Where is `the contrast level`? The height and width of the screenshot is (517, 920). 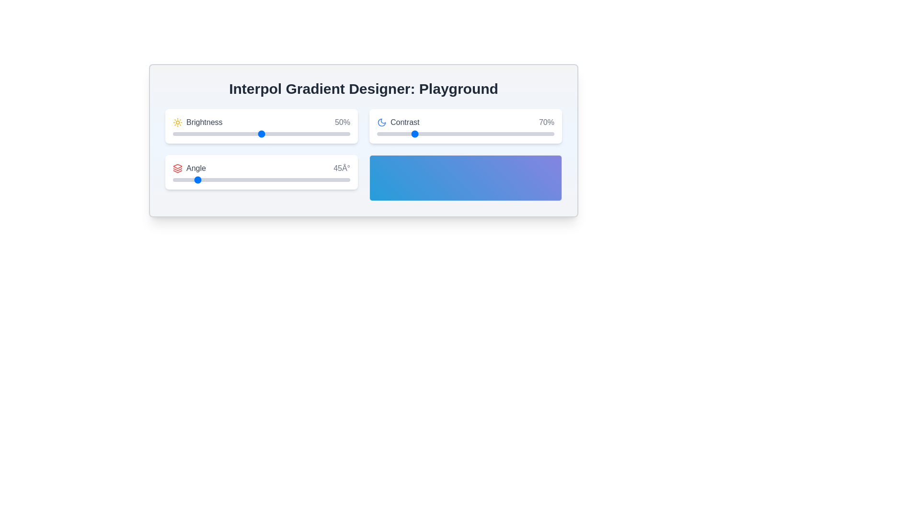 the contrast level is located at coordinates (384, 134).